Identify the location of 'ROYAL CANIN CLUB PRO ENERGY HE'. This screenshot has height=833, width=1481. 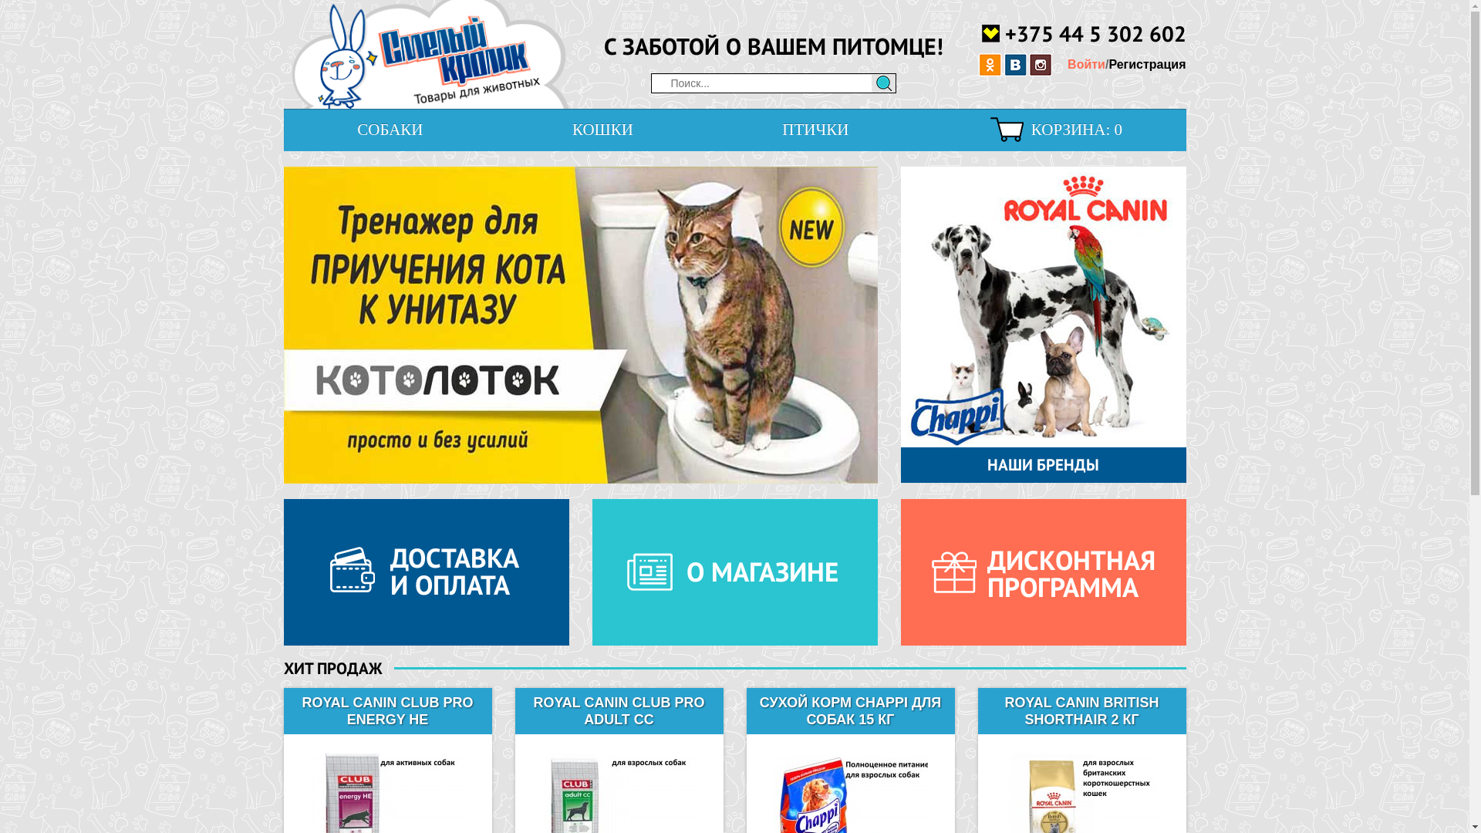
(387, 710).